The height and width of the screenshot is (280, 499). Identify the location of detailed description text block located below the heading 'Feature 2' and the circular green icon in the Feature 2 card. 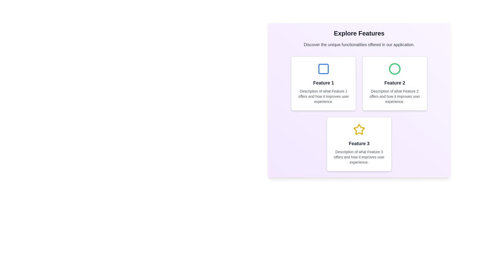
(395, 96).